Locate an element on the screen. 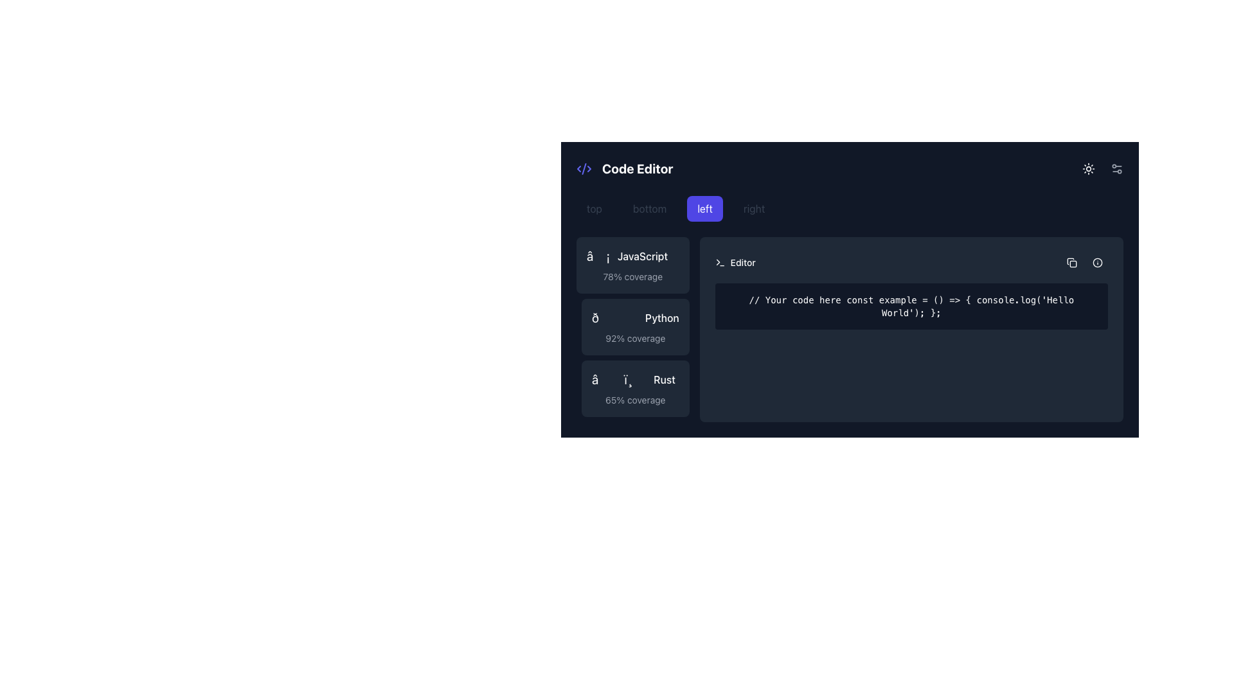  the circular information icon with an outlined 'i' inside it, located in the top-right corner of the Code Editor interface is located at coordinates (1097, 262).